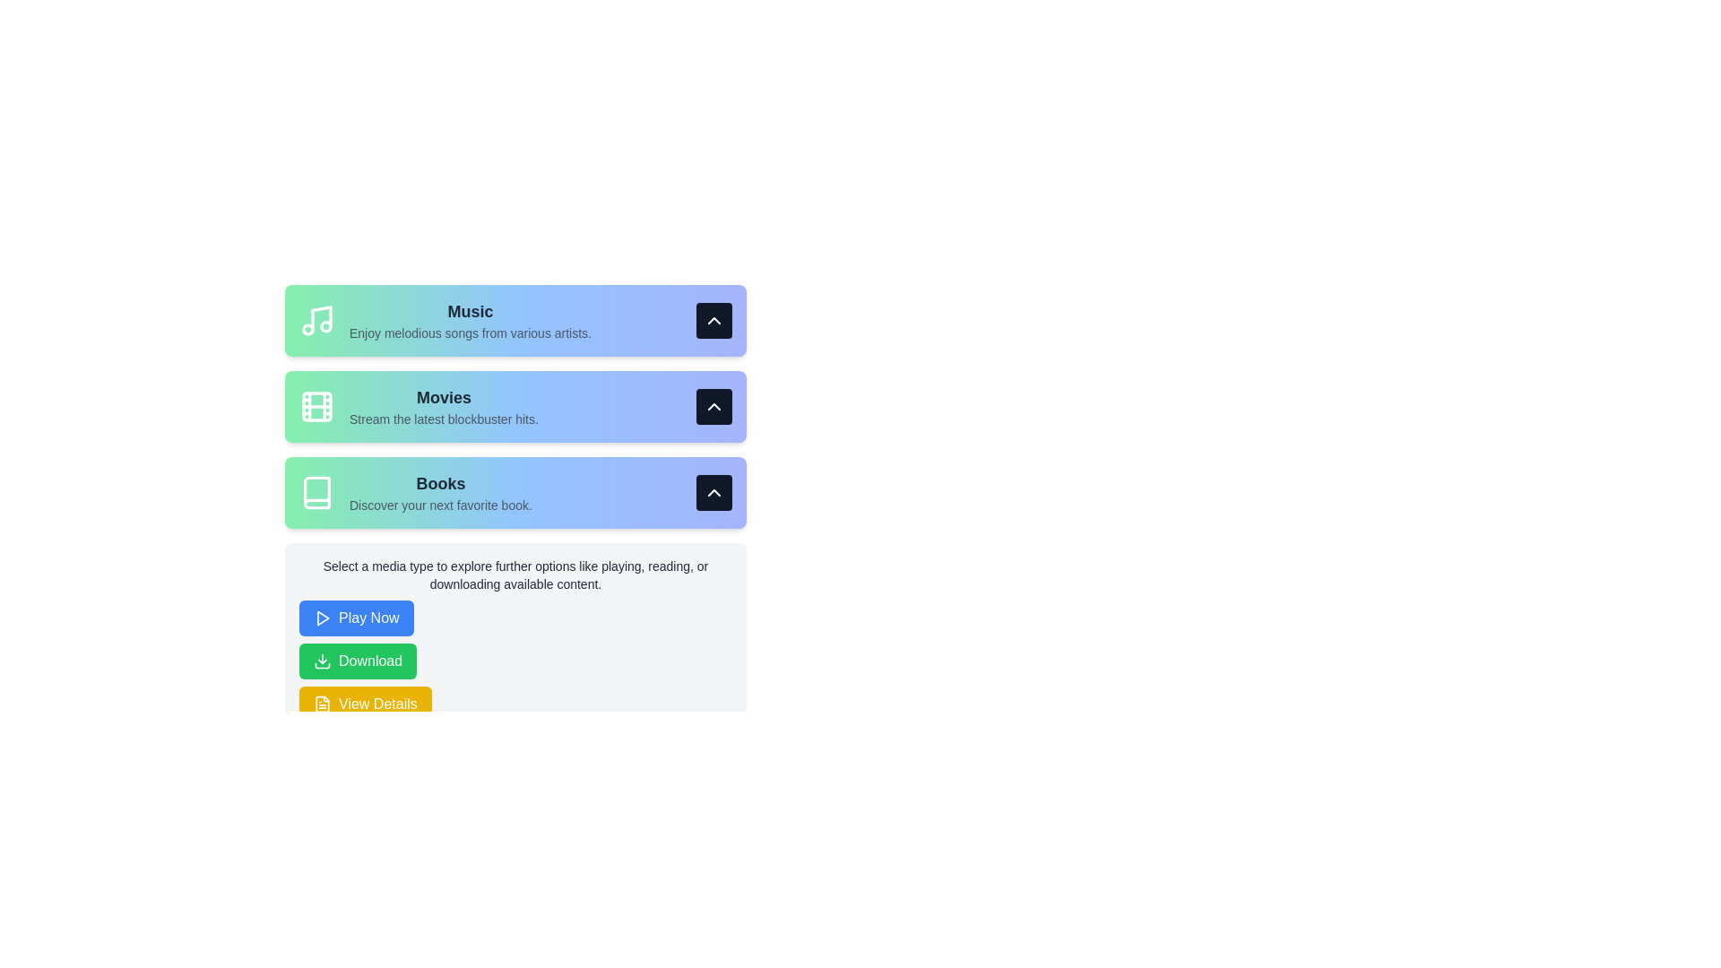 This screenshot has width=1721, height=968. What do you see at coordinates (358, 661) in the screenshot?
I see `the green 'Download' button, which has a white download icon and the text 'Download'` at bounding box center [358, 661].